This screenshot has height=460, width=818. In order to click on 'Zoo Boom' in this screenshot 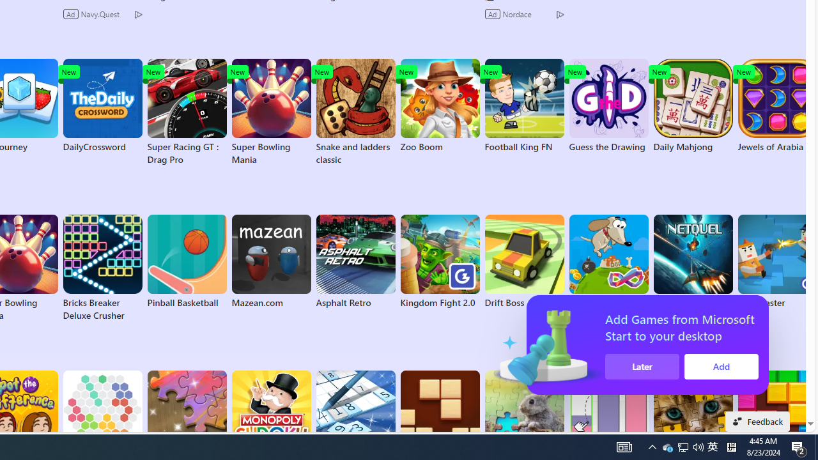, I will do `click(440, 105)`.